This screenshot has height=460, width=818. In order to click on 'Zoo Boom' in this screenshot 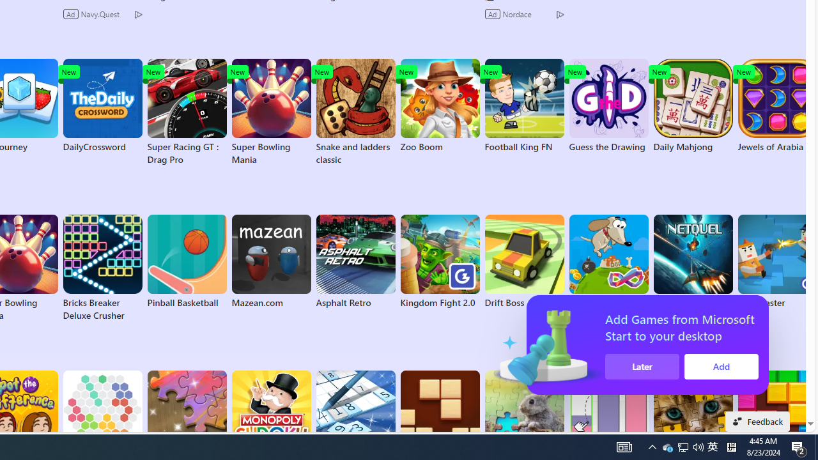, I will do `click(440, 105)`.